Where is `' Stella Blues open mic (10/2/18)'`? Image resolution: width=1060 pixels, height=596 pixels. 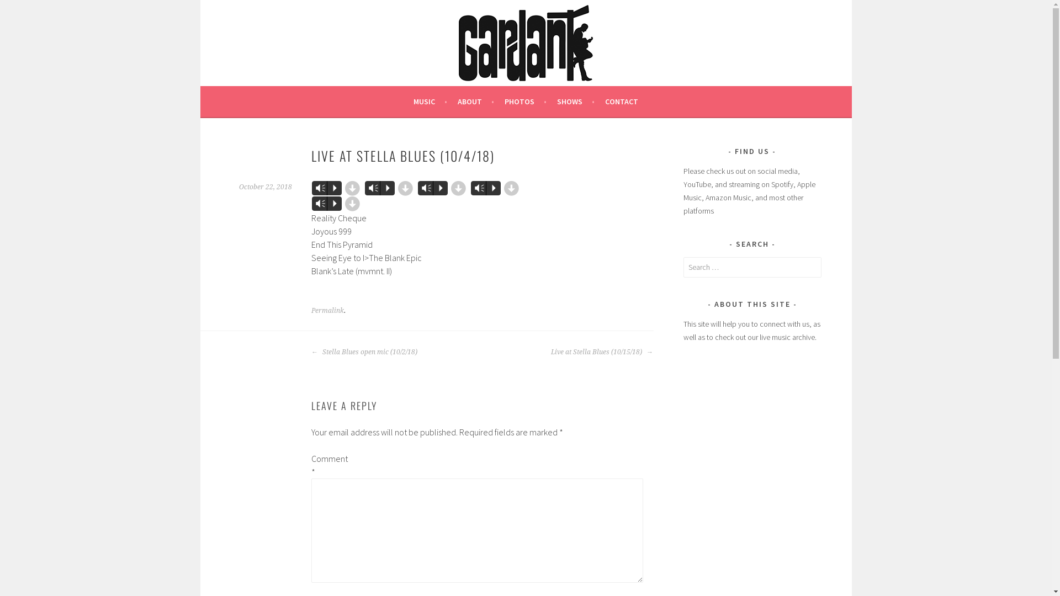 ' Stella Blues open mic (10/2/18)' is located at coordinates (311, 352).